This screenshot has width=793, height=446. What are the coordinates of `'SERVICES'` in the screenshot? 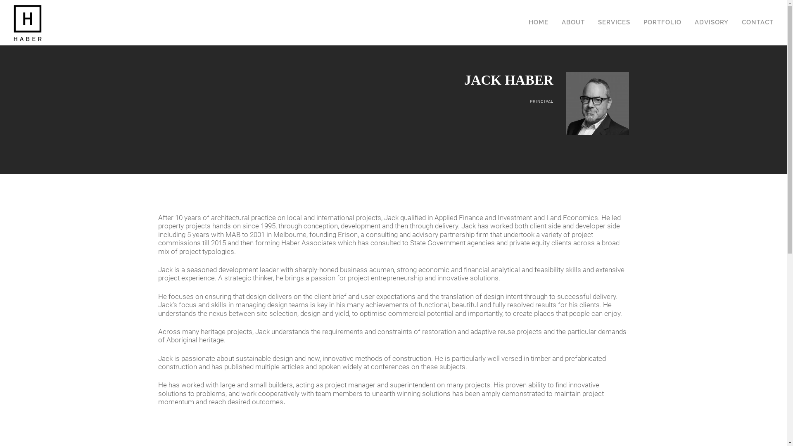 It's located at (614, 11).